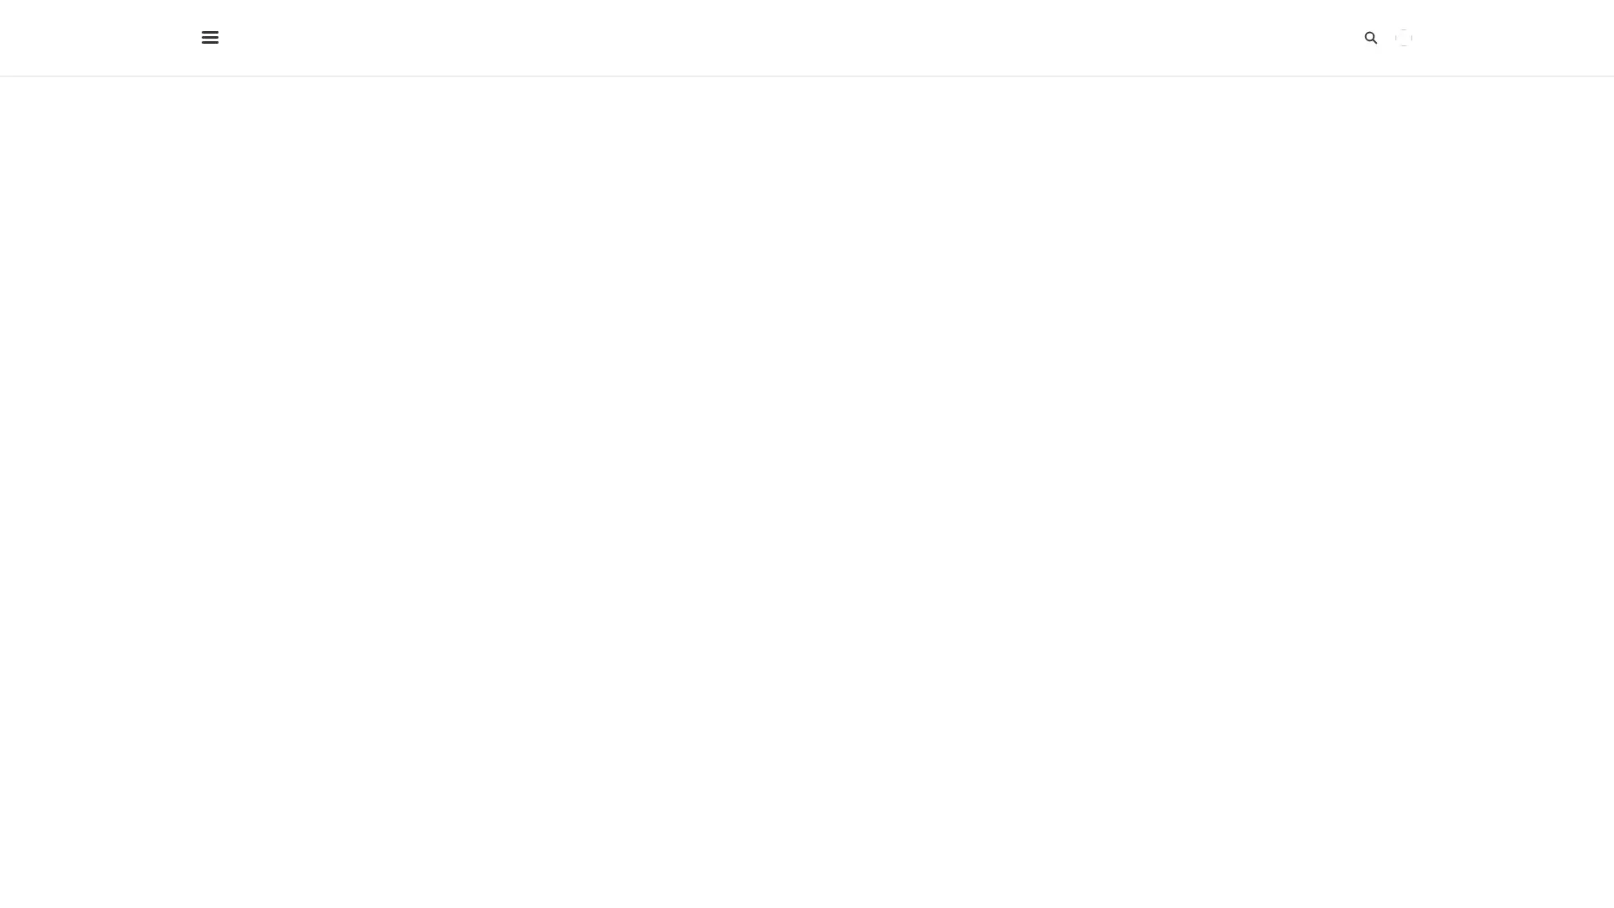  What do you see at coordinates (503, 349) in the screenshot?
I see `Submit` at bounding box center [503, 349].